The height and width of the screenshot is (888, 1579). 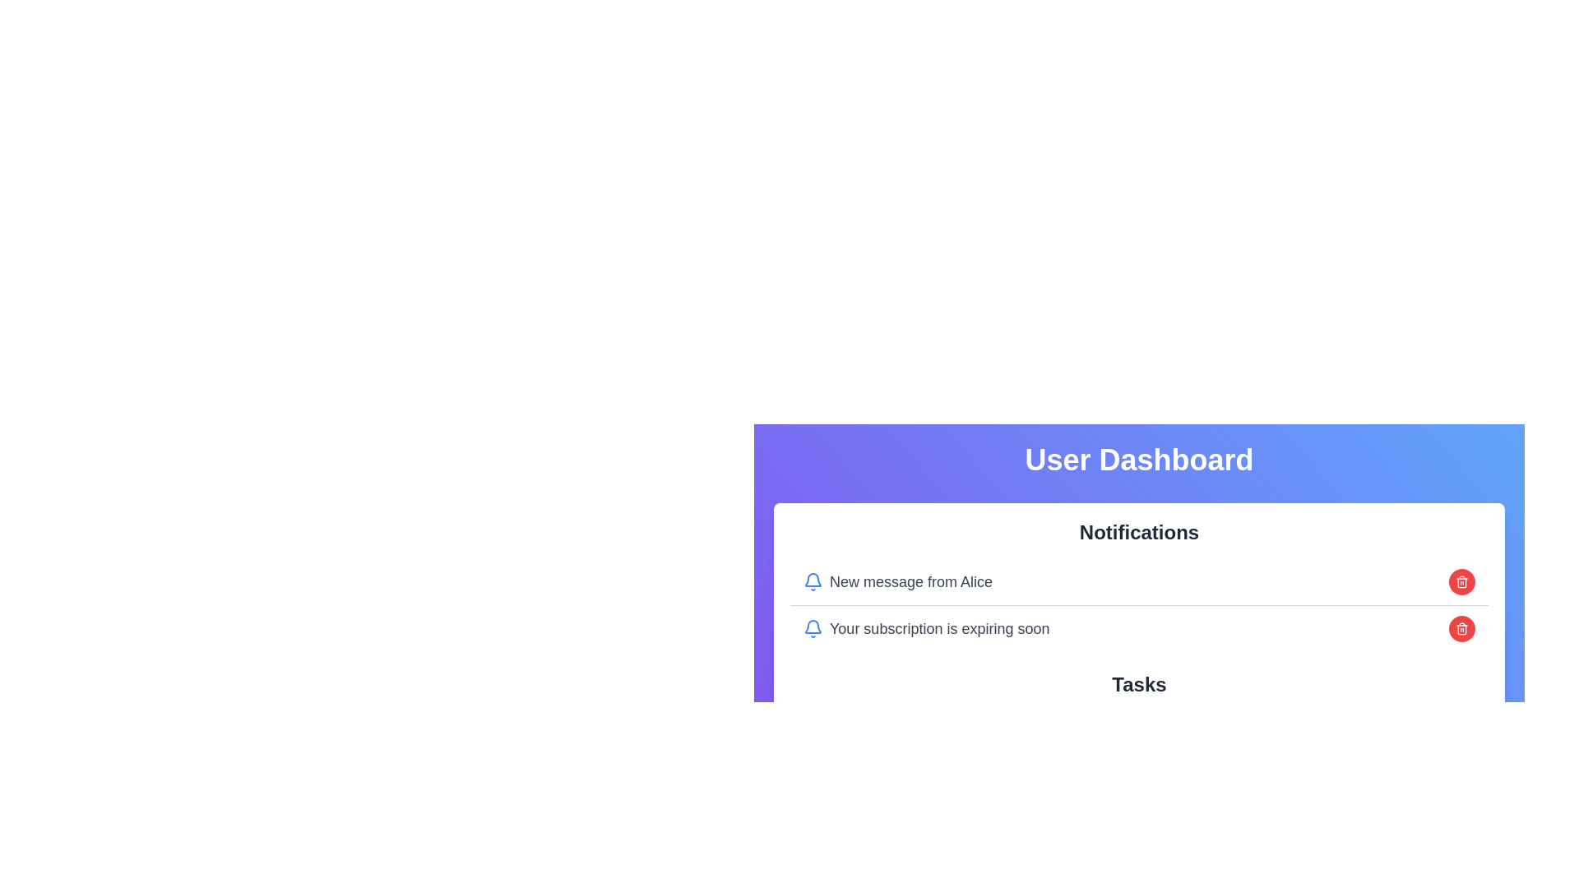 I want to click on the bell icon with a blue outline representing a notification symbol, located in the upper-left corner of the notification entry for 'New message from Alice', so click(x=813, y=581).